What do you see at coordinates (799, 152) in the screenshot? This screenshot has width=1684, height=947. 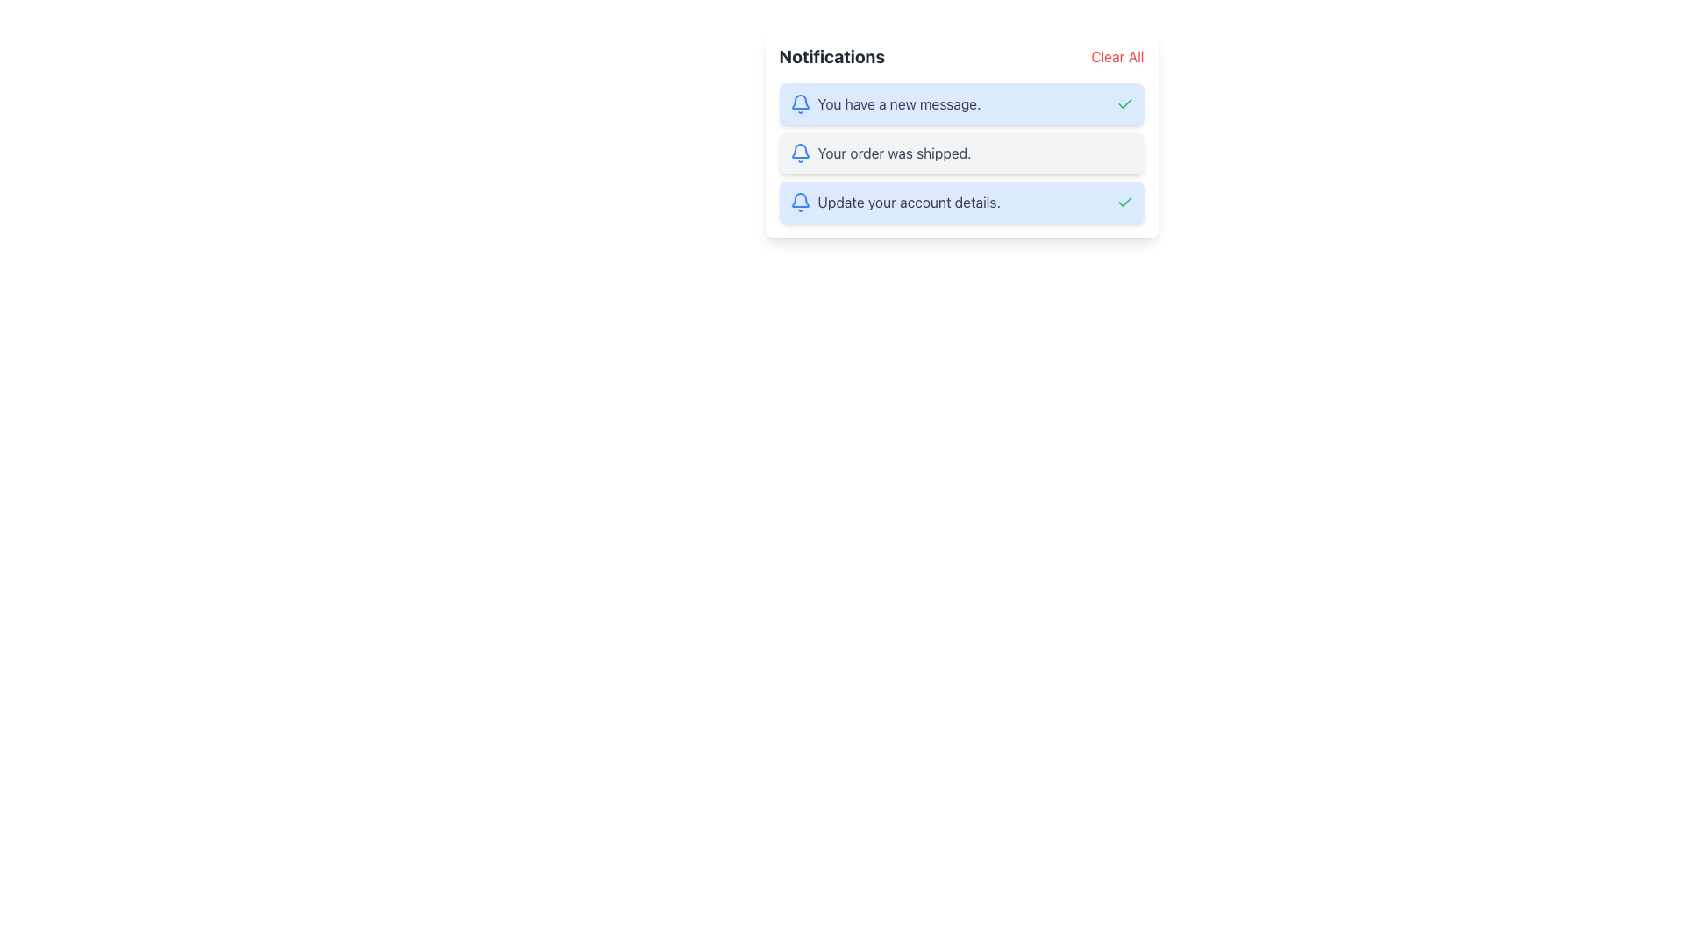 I see `the bell icon that indicates a notification for an order shipping update, located in the second notification card of the vertical notification list panel` at bounding box center [799, 152].